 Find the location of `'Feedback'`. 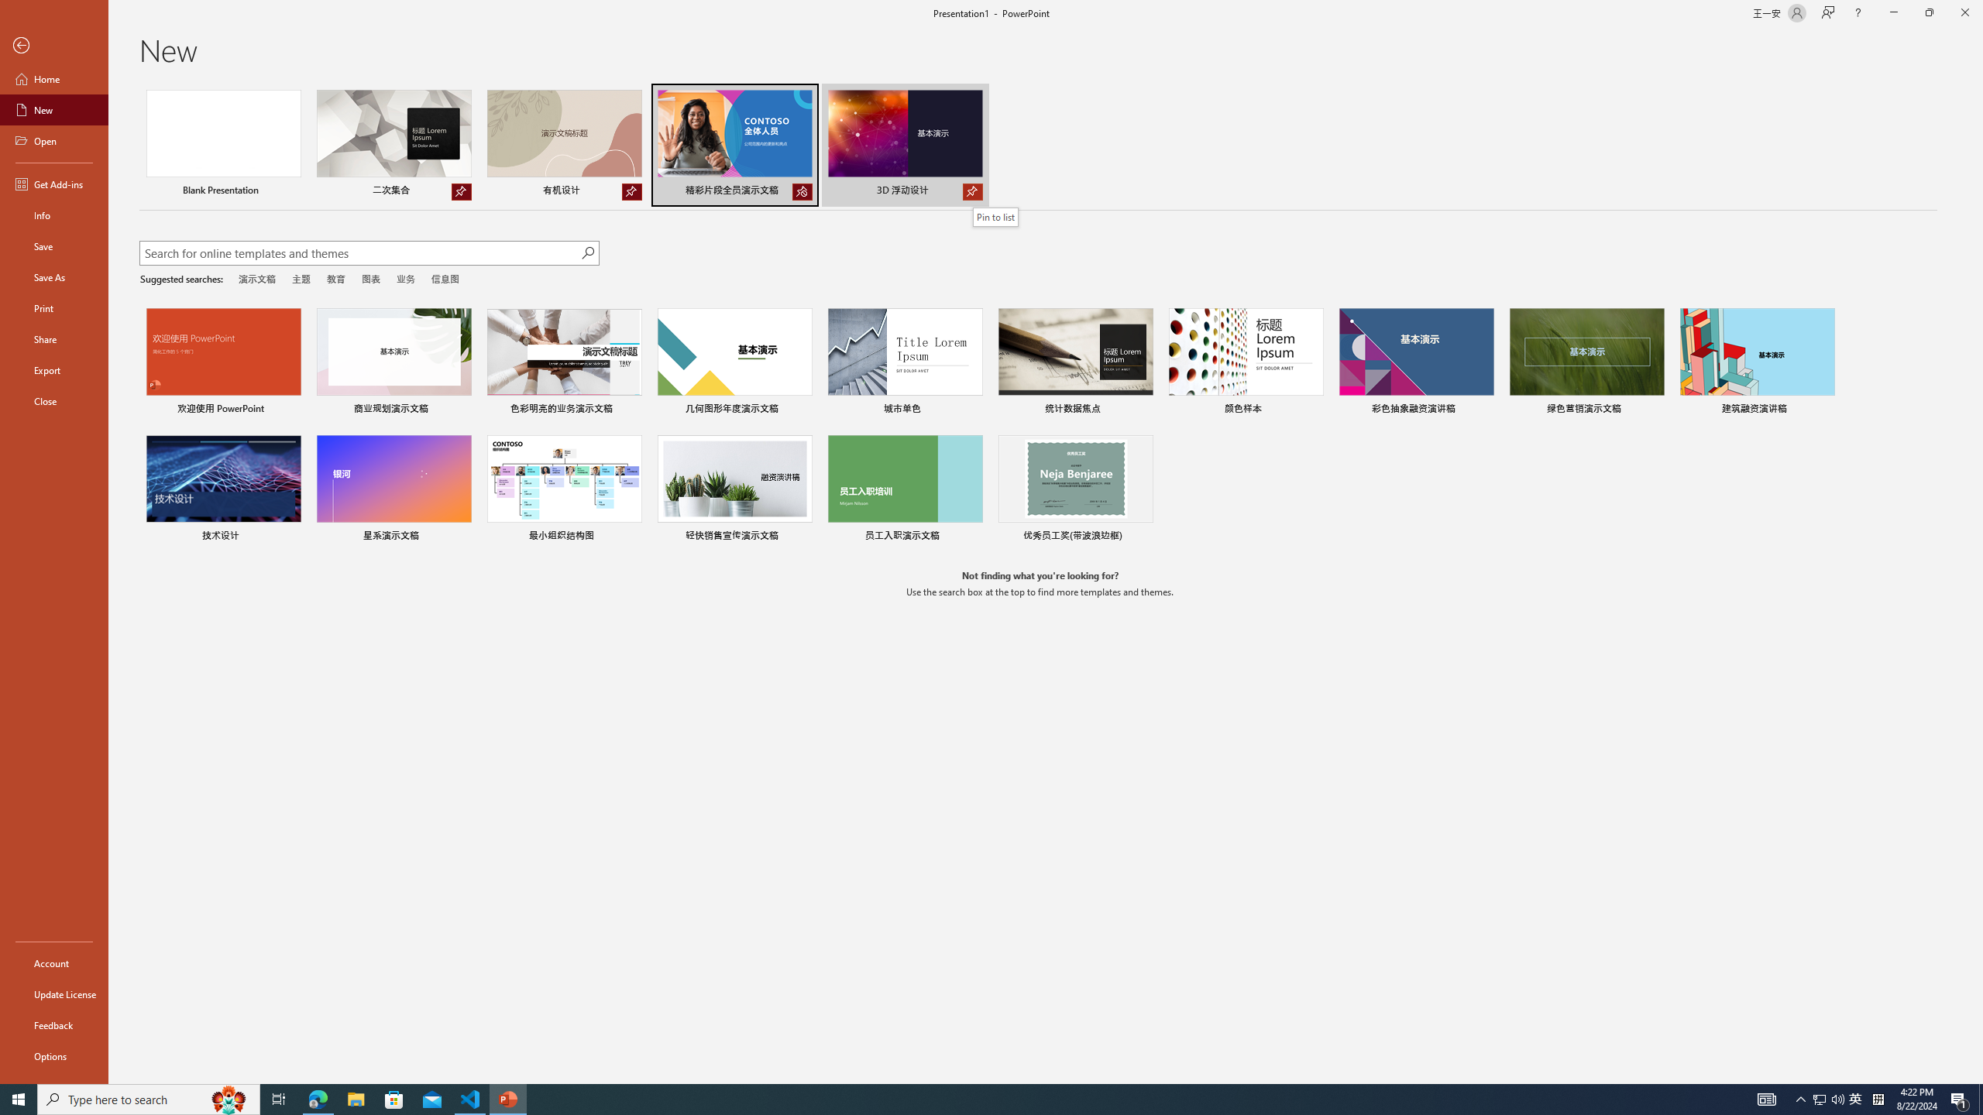

'Feedback' is located at coordinates (53, 1025).